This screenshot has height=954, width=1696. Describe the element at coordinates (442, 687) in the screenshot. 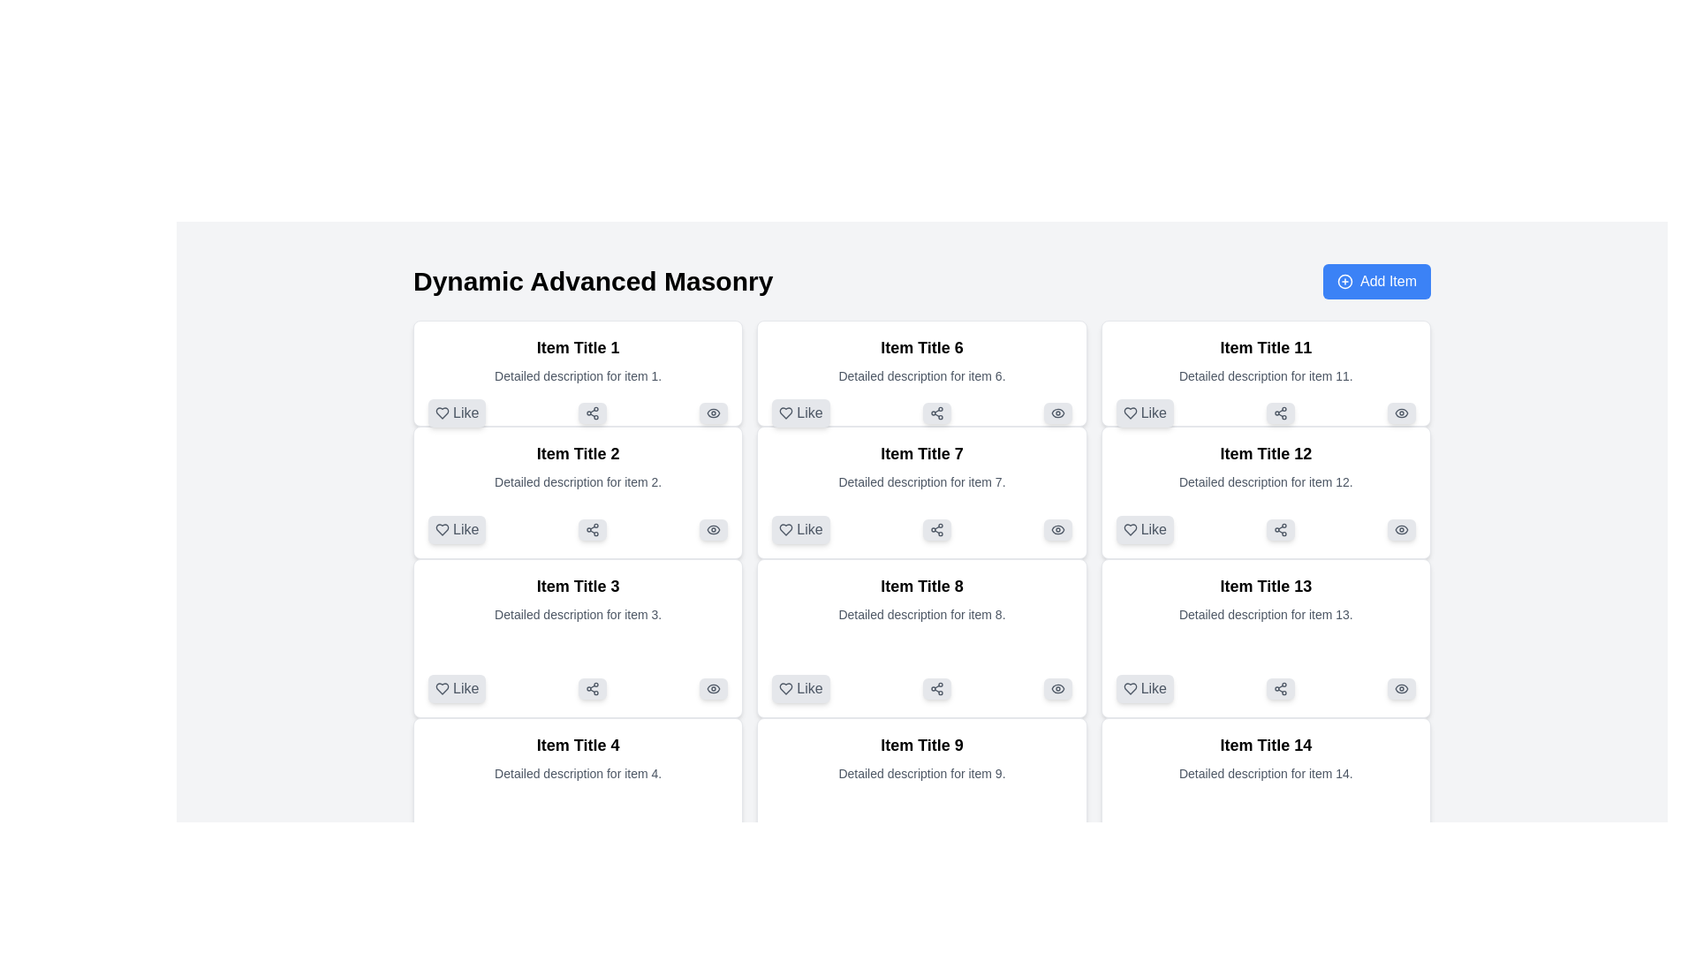

I see `the heart-shaped 'like' icon located under 'Item Title 3'` at that location.